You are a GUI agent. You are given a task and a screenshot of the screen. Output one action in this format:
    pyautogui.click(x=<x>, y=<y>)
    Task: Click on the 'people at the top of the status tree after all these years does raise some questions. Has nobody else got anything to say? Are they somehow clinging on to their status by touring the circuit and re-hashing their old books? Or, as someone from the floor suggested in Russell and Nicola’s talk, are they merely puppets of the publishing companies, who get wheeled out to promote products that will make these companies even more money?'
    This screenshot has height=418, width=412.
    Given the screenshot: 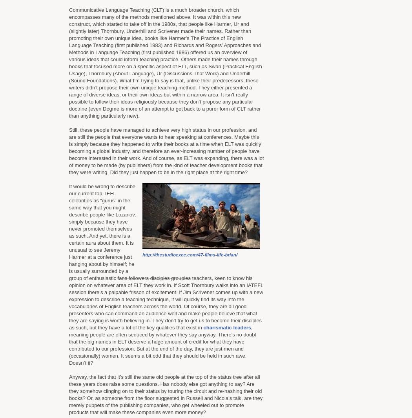 What is the action you would take?
    pyautogui.click(x=165, y=394)
    